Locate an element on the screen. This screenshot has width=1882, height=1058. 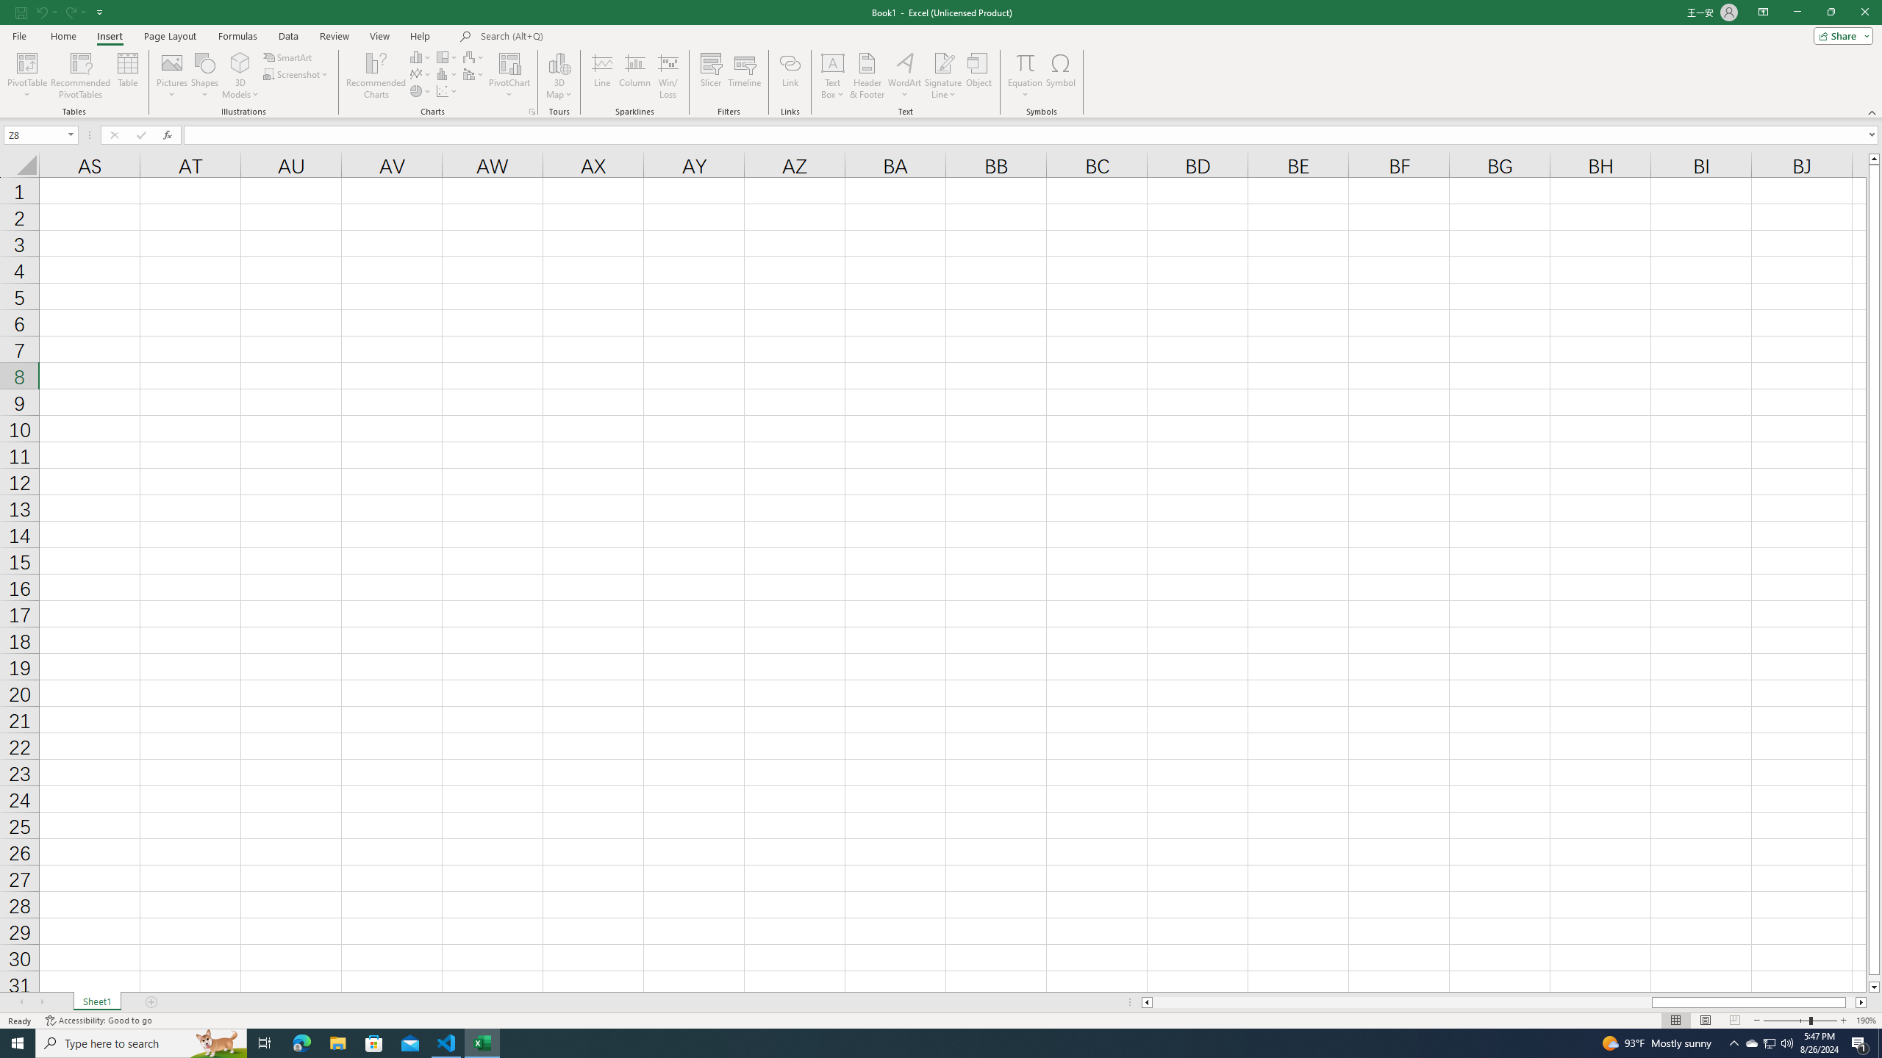
'Microsoft search' is located at coordinates (582, 36).